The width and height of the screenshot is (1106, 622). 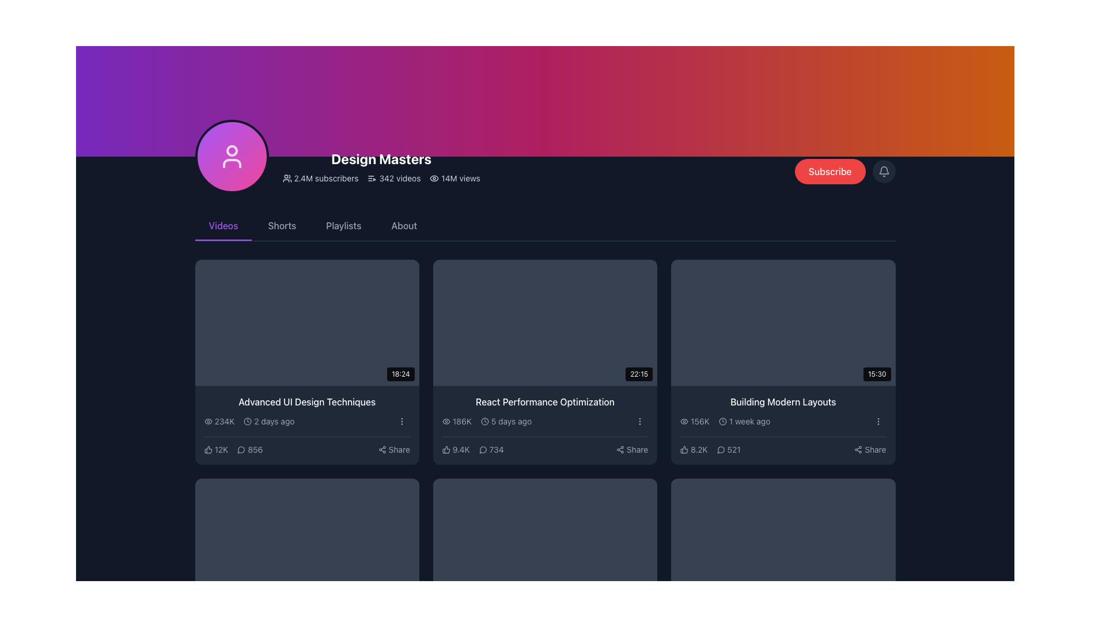 What do you see at coordinates (722, 422) in the screenshot?
I see `the background circle of the clock icon located in the bottom-right corner of the second row of video thumbnails for the 'Building Modern Layouts' video under its metadata section` at bounding box center [722, 422].